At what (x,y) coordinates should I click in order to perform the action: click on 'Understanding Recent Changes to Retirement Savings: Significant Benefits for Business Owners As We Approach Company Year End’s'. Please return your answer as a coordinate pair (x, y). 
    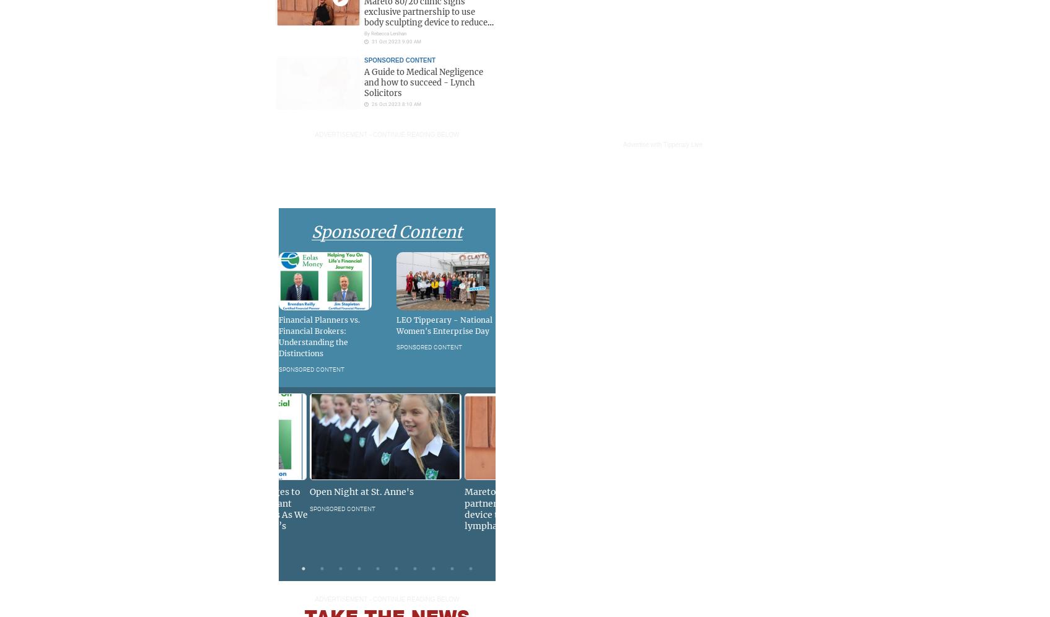
    Looking at the image, I should click on (227, 507).